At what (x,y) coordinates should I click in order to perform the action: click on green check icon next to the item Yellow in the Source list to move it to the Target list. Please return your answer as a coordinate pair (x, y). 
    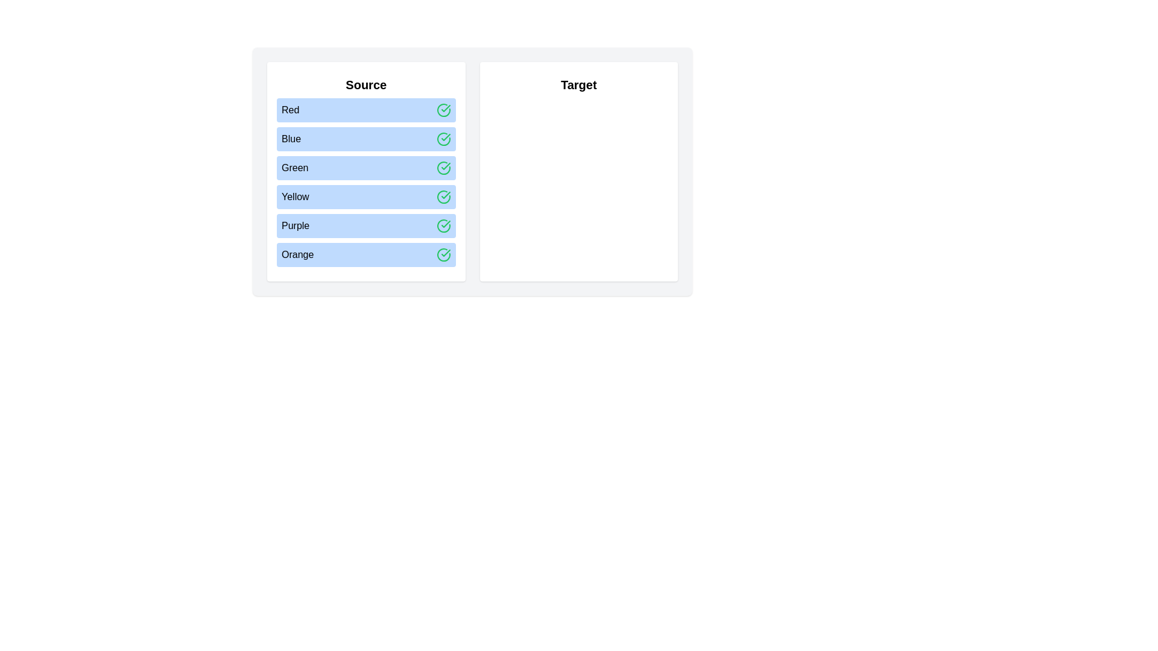
    Looking at the image, I should click on (443, 197).